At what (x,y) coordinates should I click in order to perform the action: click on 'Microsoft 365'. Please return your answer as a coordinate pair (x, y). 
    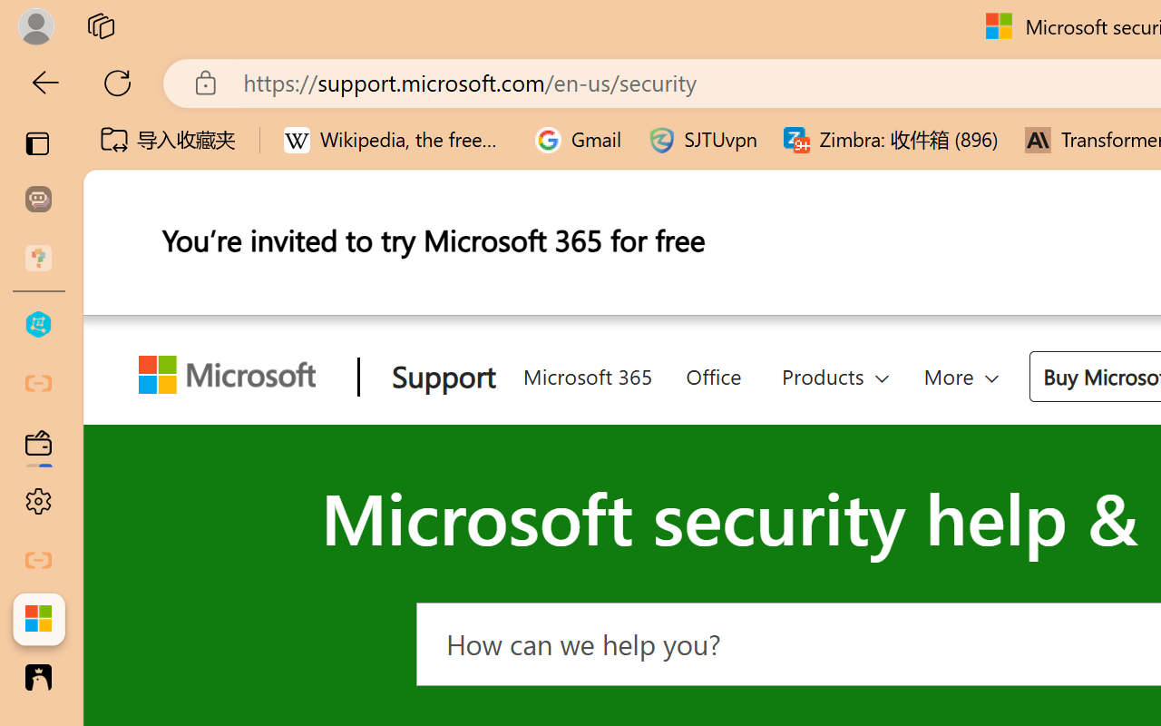
    Looking at the image, I should click on (587, 374).